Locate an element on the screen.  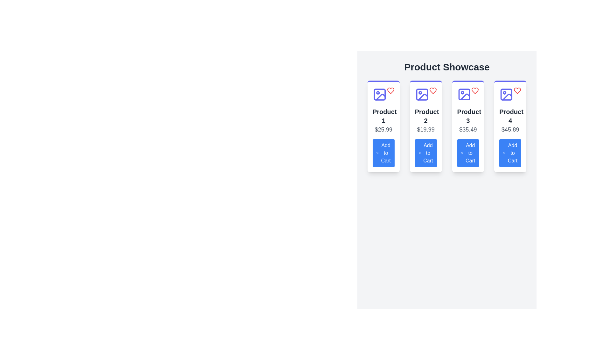
the SVG graphic that represents the action of adding a product to the cart, located inside the 'Add to Cart' button of the first product card in the product showcase layout is located at coordinates (377, 153).